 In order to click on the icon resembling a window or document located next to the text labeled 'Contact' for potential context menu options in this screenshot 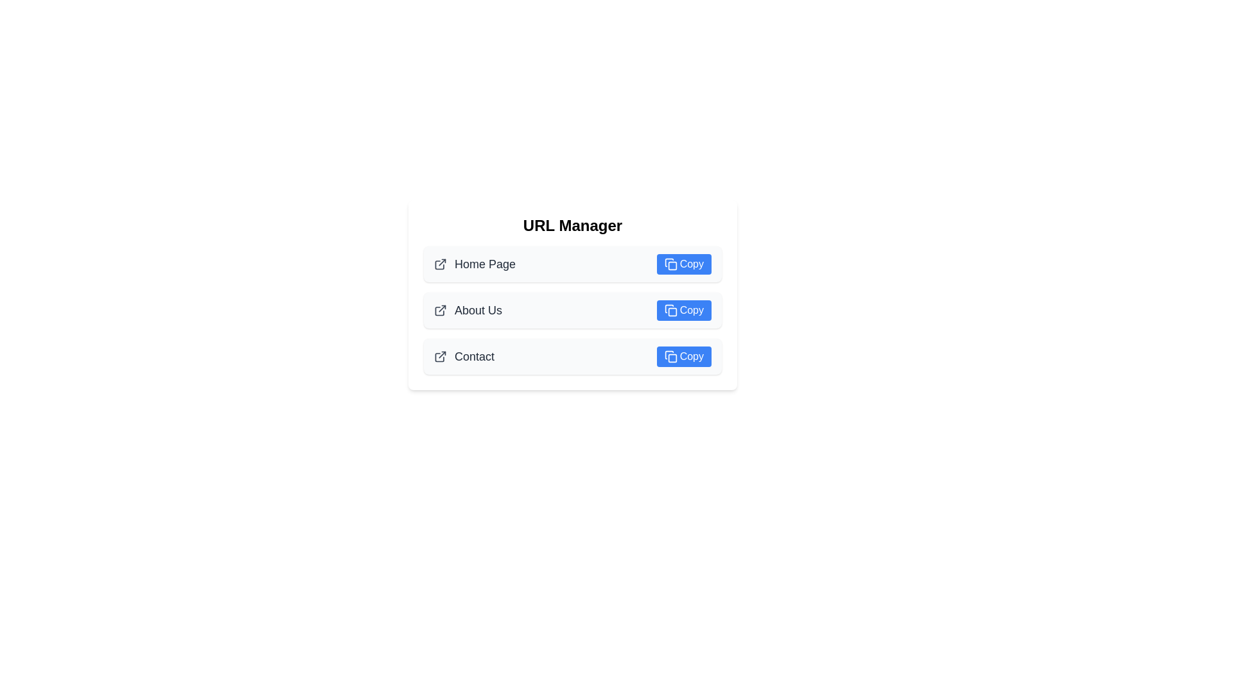, I will do `click(439, 357)`.